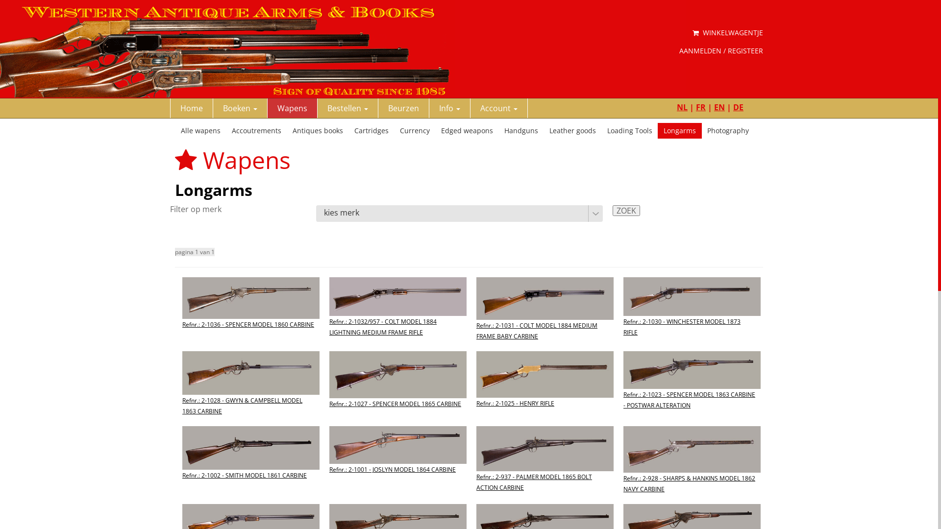 This screenshot has height=529, width=941. What do you see at coordinates (429, 108) in the screenshot?
I see `'Info'` at bounding box center [429, 108].